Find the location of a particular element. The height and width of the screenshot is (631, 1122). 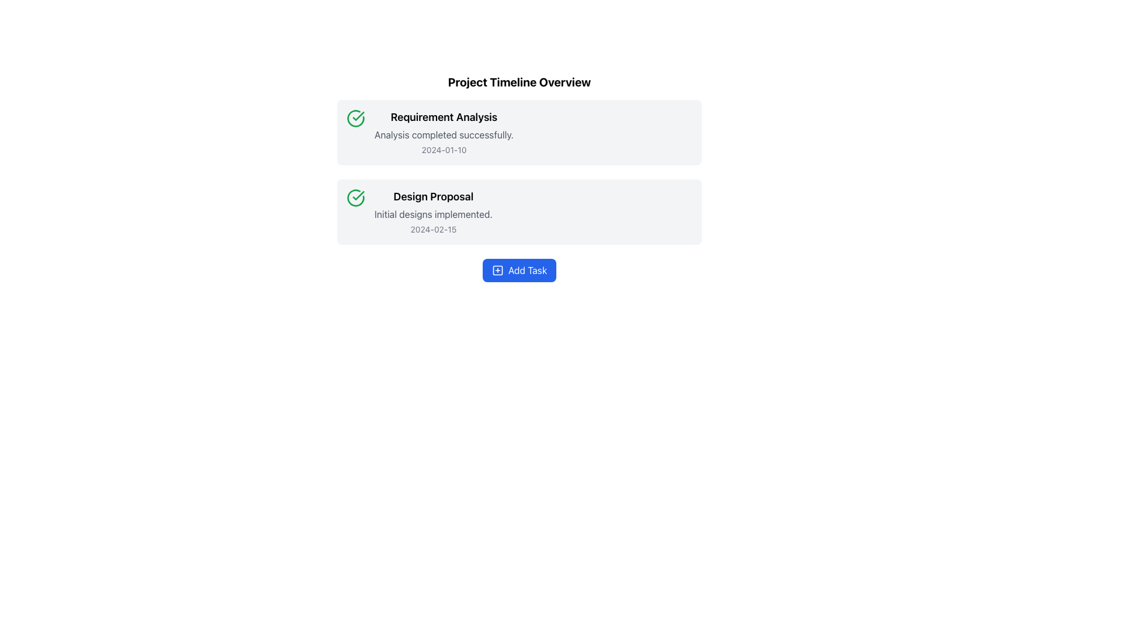

information displayed in the text block titled 'Requirement Analysis', which includes the status message 'Analysis completed successfully.' and the date '2024-01-10' is located at coordinates (443, 132).